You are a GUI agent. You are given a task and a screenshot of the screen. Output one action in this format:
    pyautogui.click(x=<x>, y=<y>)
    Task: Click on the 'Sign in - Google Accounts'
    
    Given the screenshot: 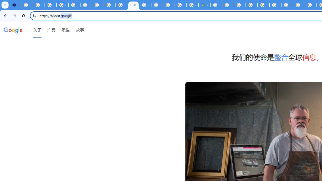 What is the action you would take?
    pyautogui.click(x=216, y=5)
    